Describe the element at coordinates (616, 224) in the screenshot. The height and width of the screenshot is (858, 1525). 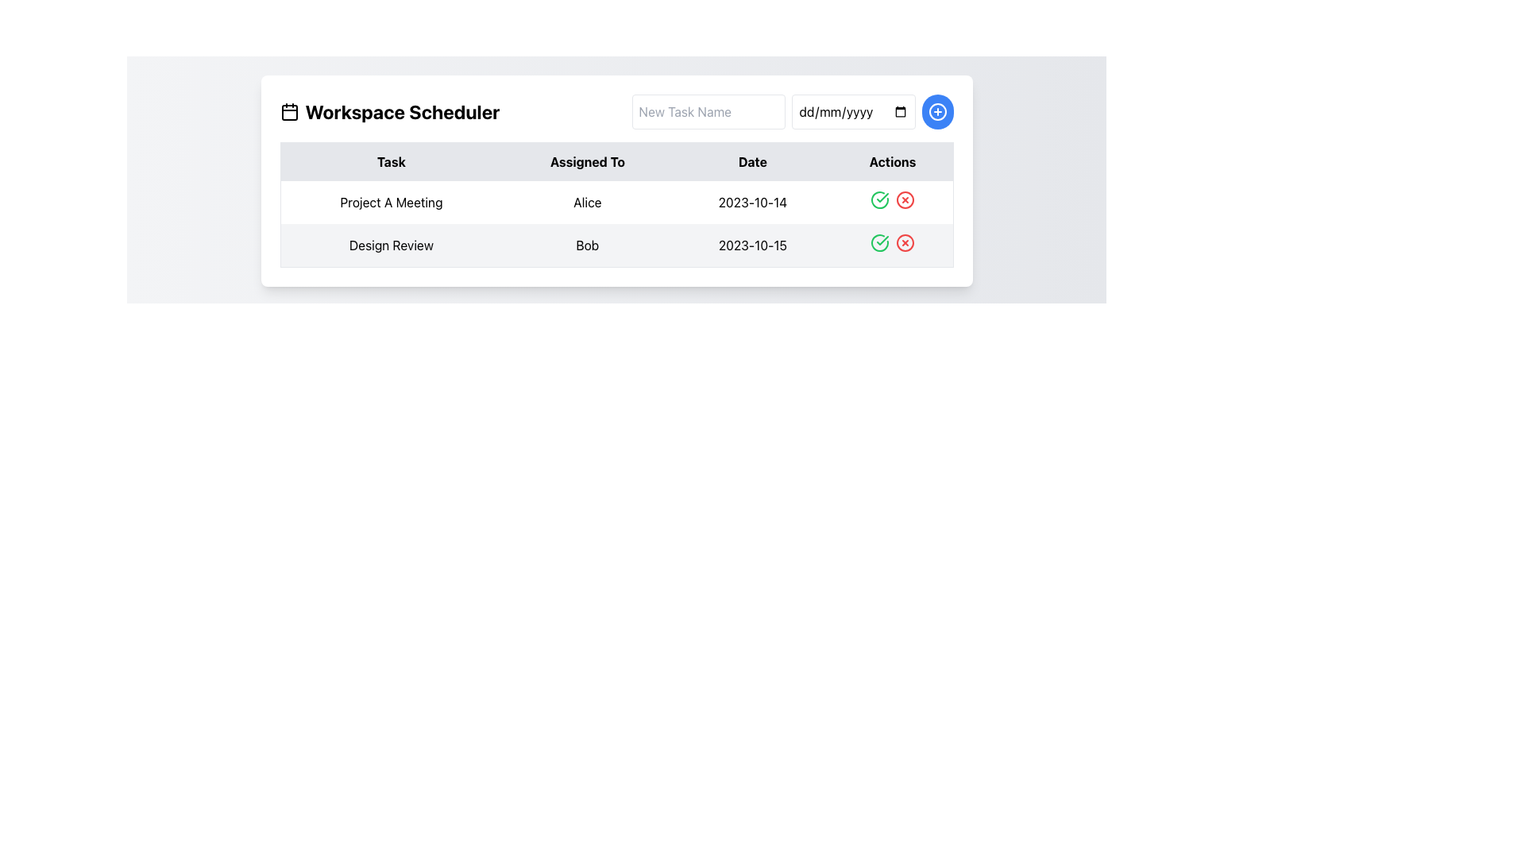
I see `the second row in the task details table` at that location.